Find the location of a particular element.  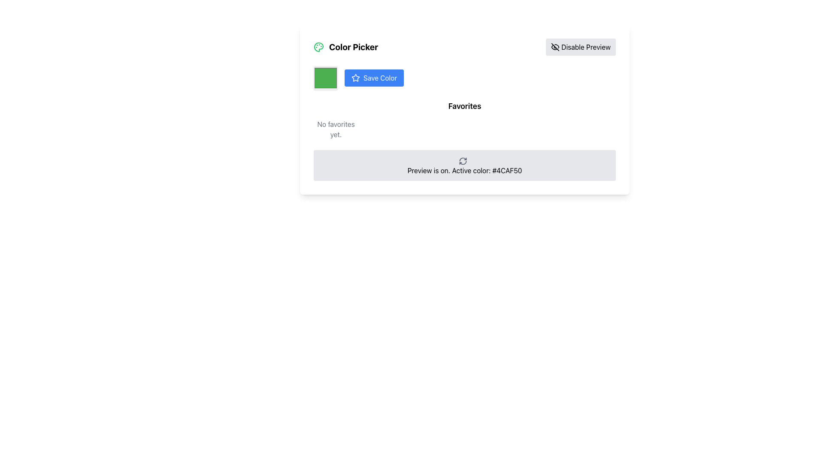

the eye-off icon within the 'Disable Preview' button, which is located in the top-right corner of the interface is located at coordinates (555, 47).